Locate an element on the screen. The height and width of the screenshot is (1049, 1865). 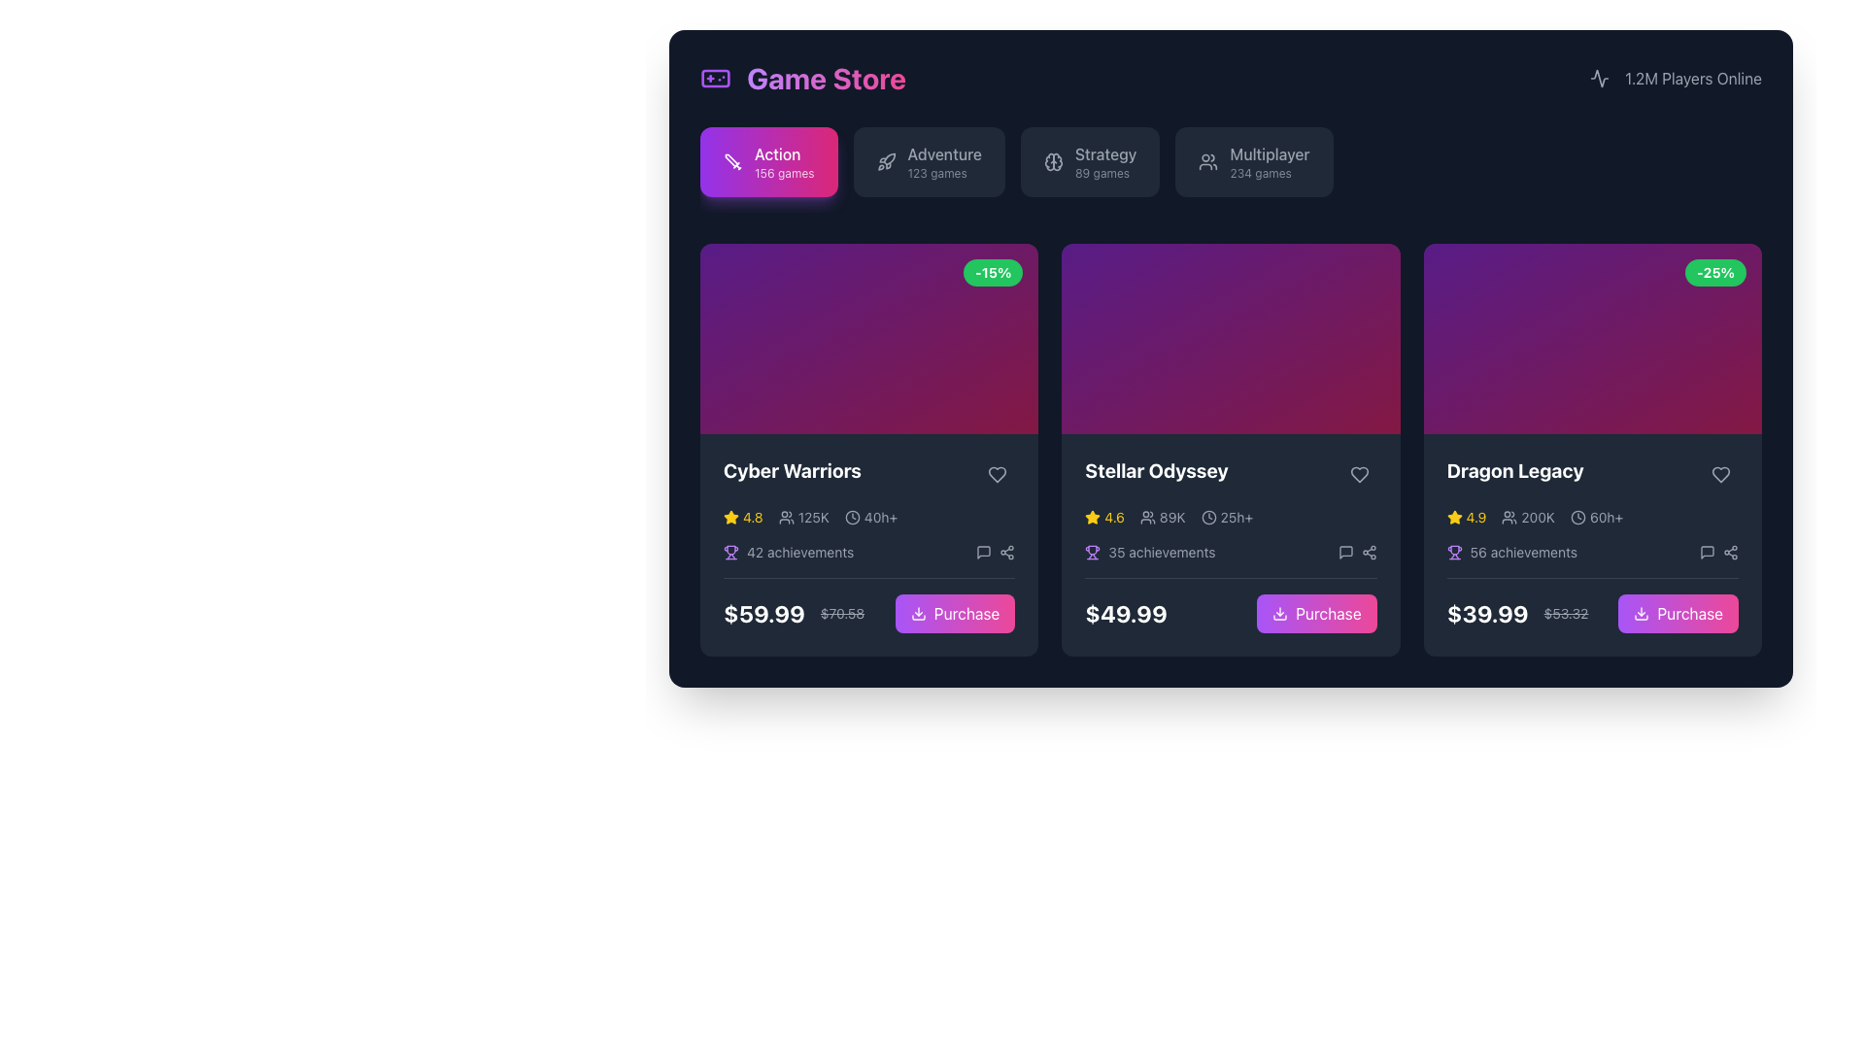
the star icon representing the rating in the first game card of the 'Cyber Warriors' section, which indicates a rating of '4.8' is located at coordinates (730, 516).